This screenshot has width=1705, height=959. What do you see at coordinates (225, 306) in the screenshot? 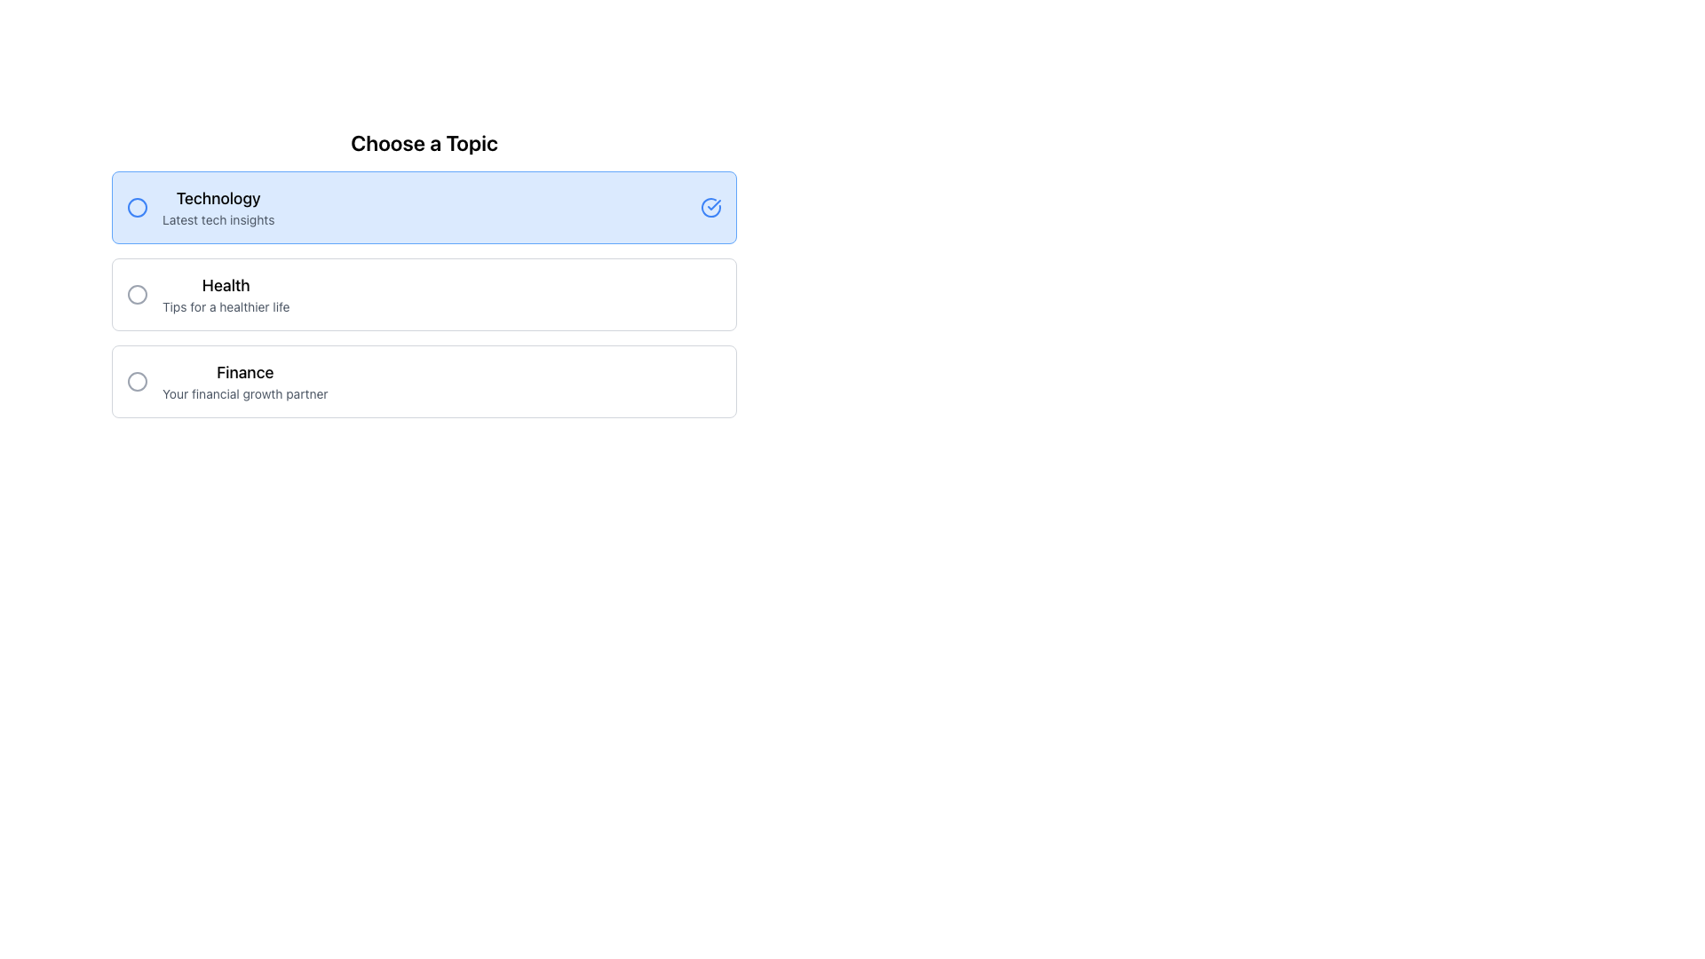
I see `additional context text positioned directly below the 'Health' heading in the 'Choose a Topic' section` at bounding box center [225, 306].